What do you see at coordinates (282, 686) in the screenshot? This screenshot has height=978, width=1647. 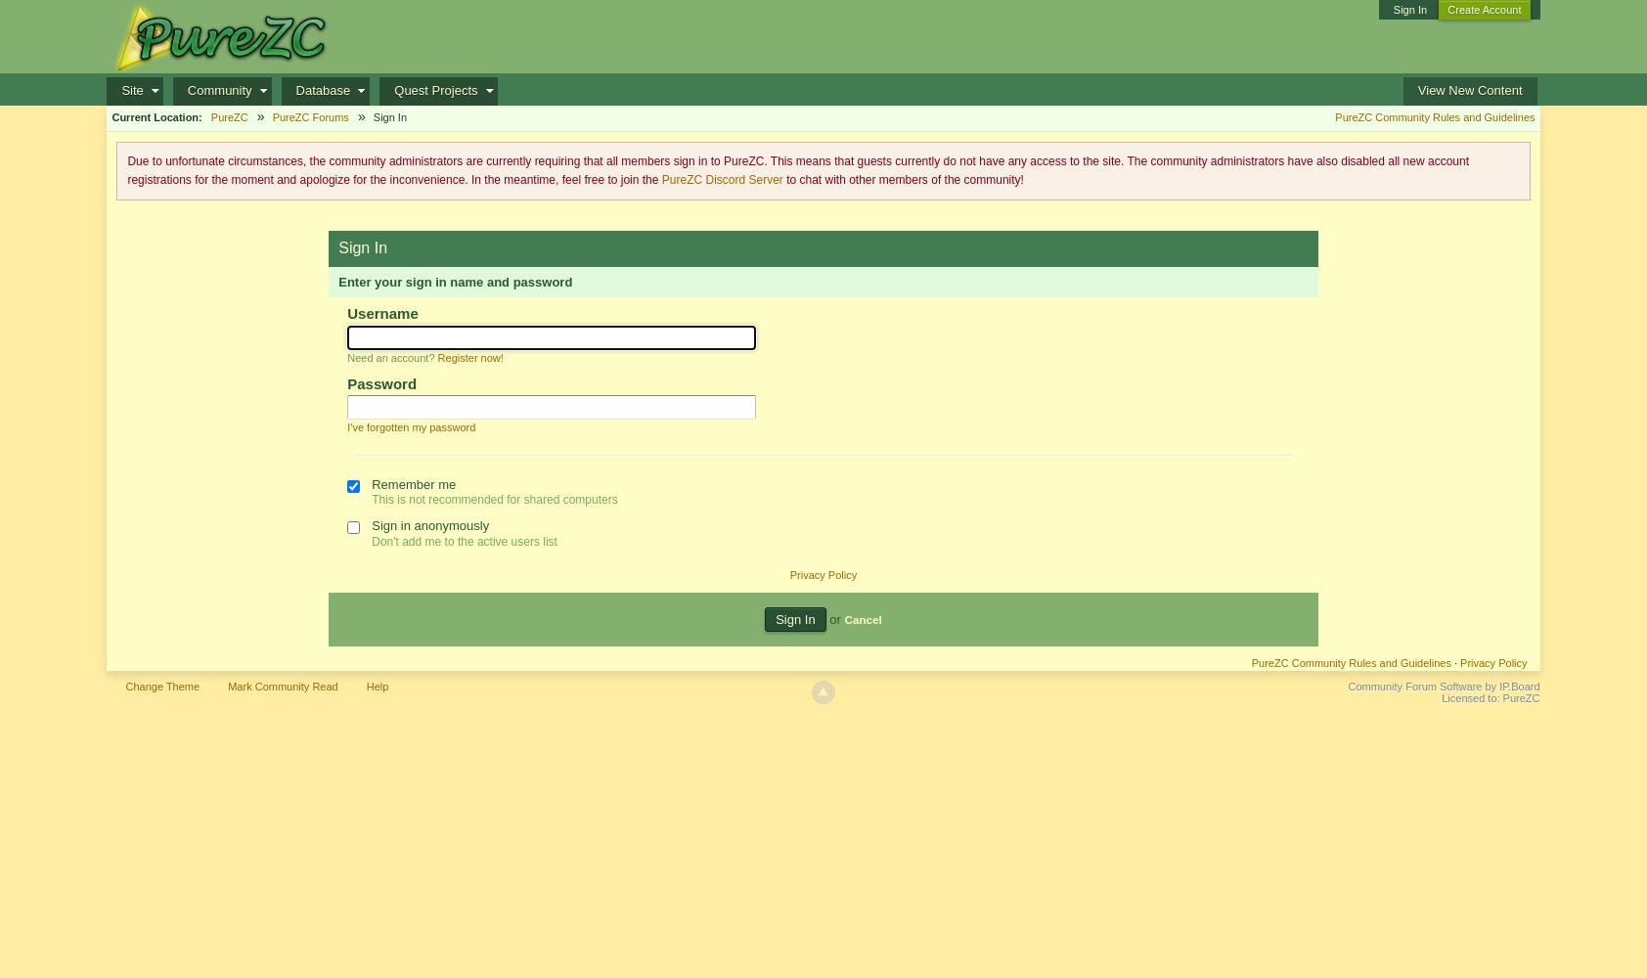 I see `'Mark Community Read'` at bounding box center [282, 686].